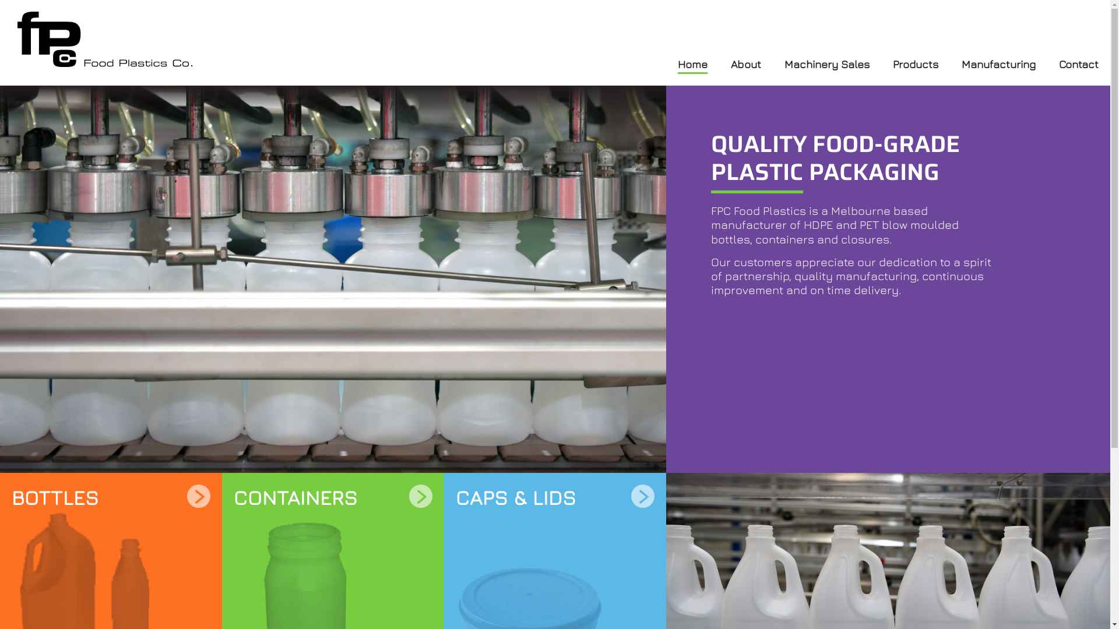  I want to click on 'Food Plastics', so click(17, 38).